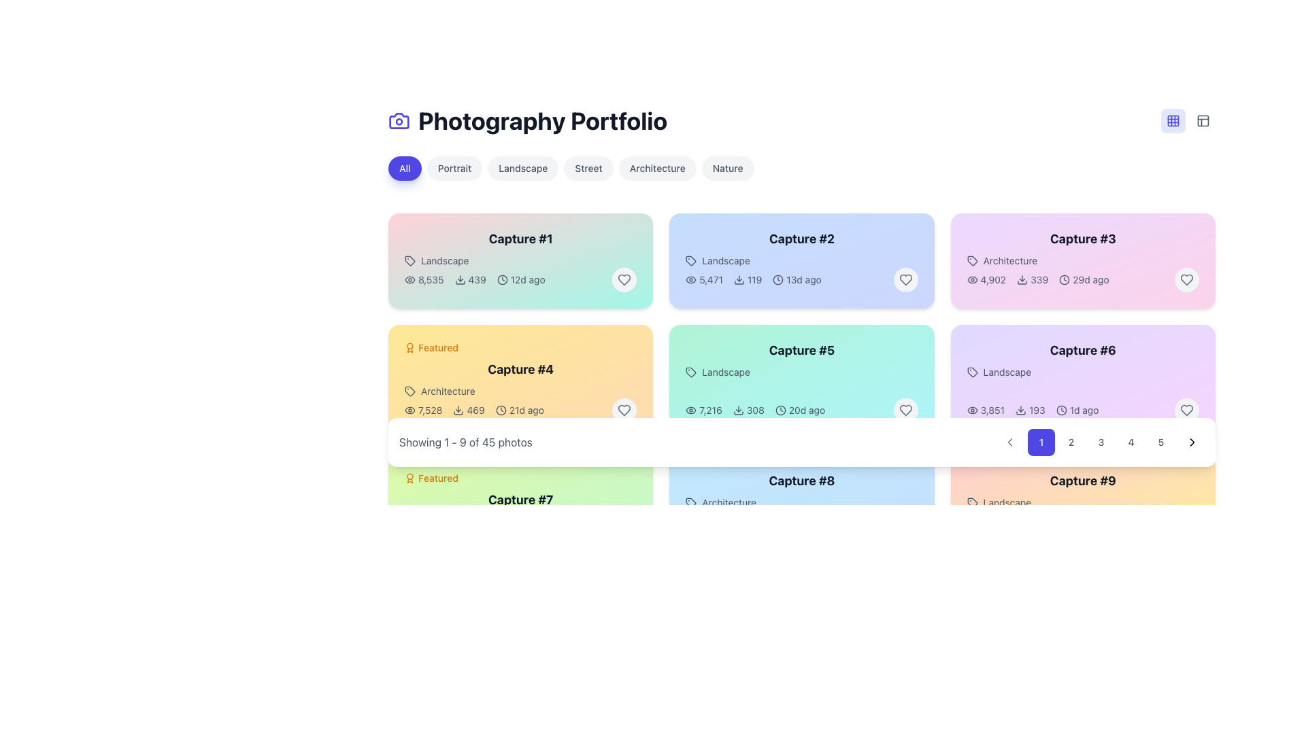  I want to click on the favorite button located in the top-right corner of the card titled 'Capture #2' in the grid layout, so click(905, 279).